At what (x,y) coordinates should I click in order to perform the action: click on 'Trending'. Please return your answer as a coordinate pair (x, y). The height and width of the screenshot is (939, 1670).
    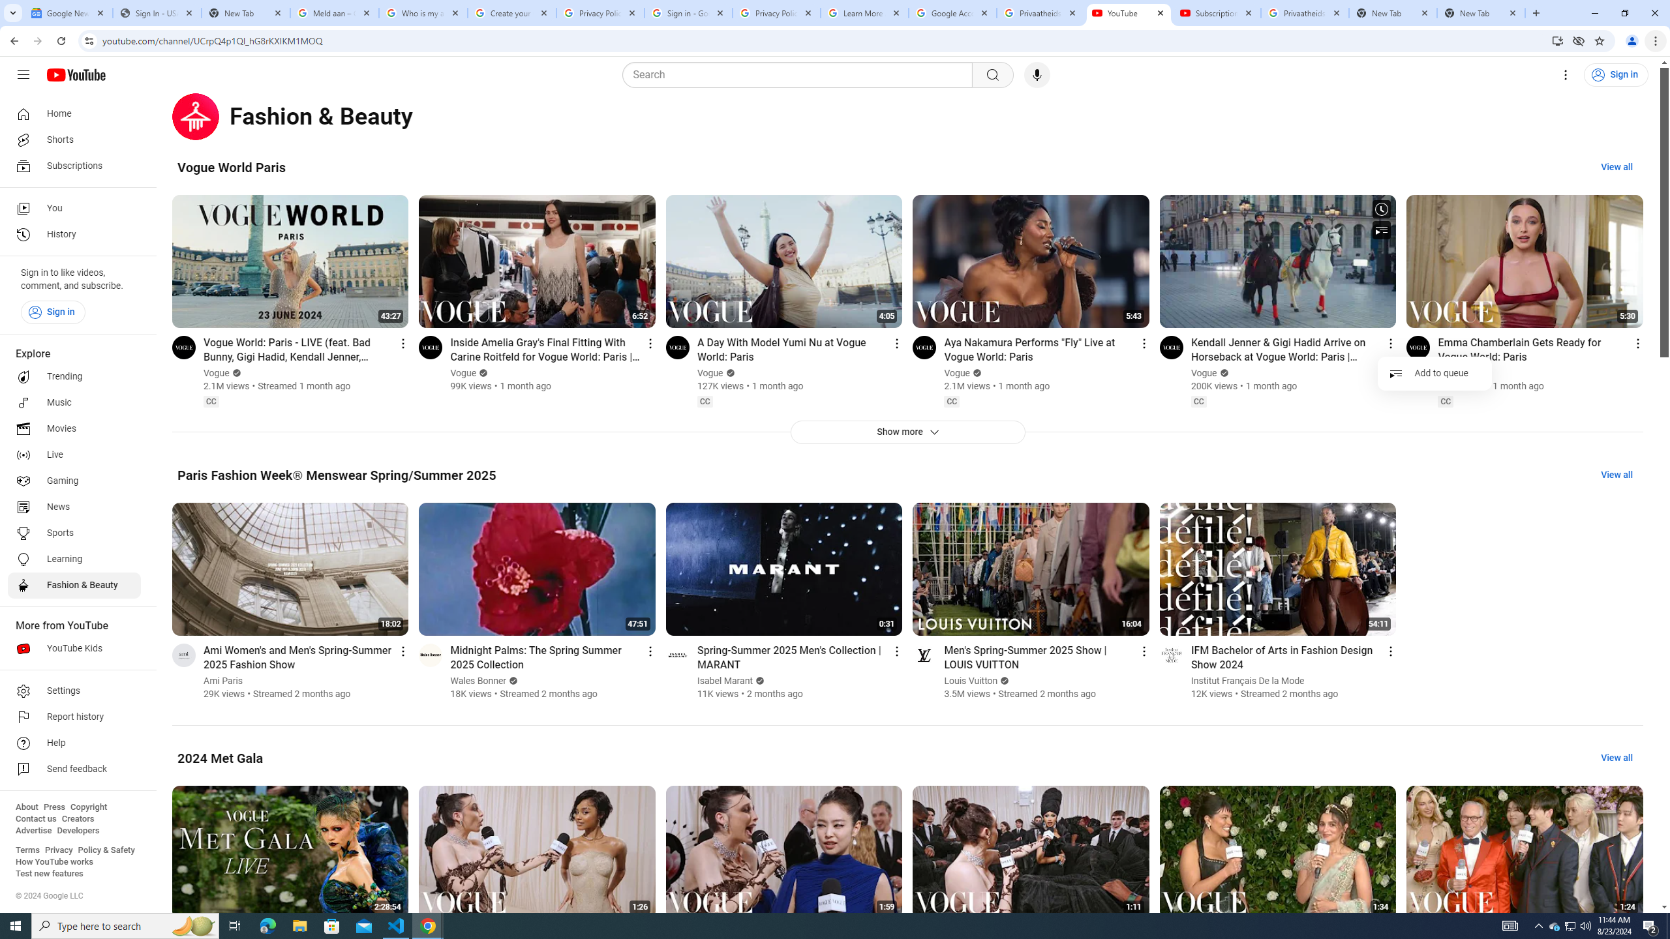
    Looking at the image, I should click on (74, 377).